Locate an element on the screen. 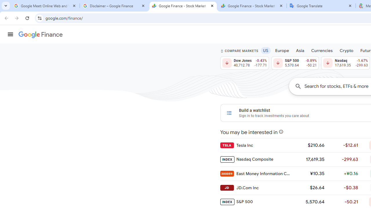  'Dow Jones 40,712.78 Down by 0.43% -177.71' is located at coordinates (244, 63).